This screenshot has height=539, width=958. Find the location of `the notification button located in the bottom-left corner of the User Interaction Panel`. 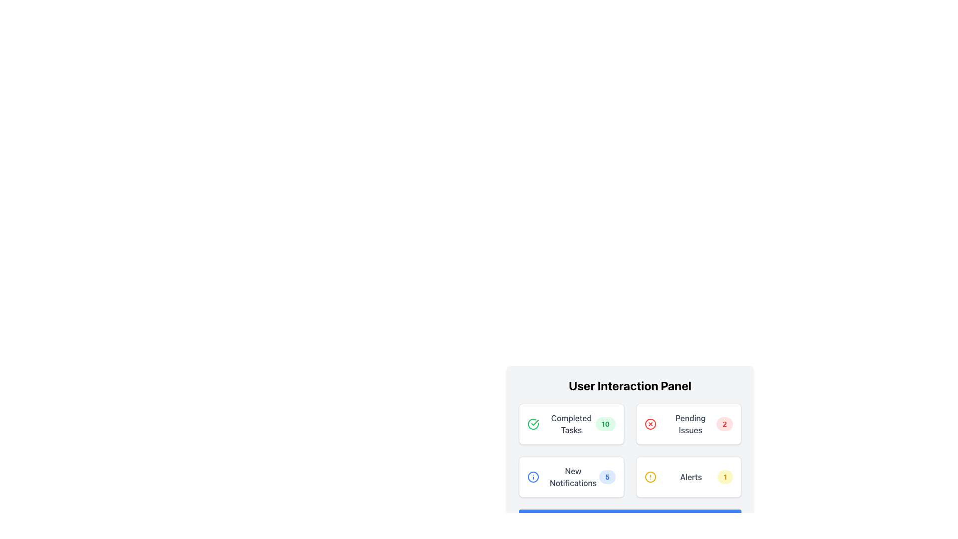

the notification button located in the bottom-left corner of the User Interaction Panel is located at coordinates (571, 477).